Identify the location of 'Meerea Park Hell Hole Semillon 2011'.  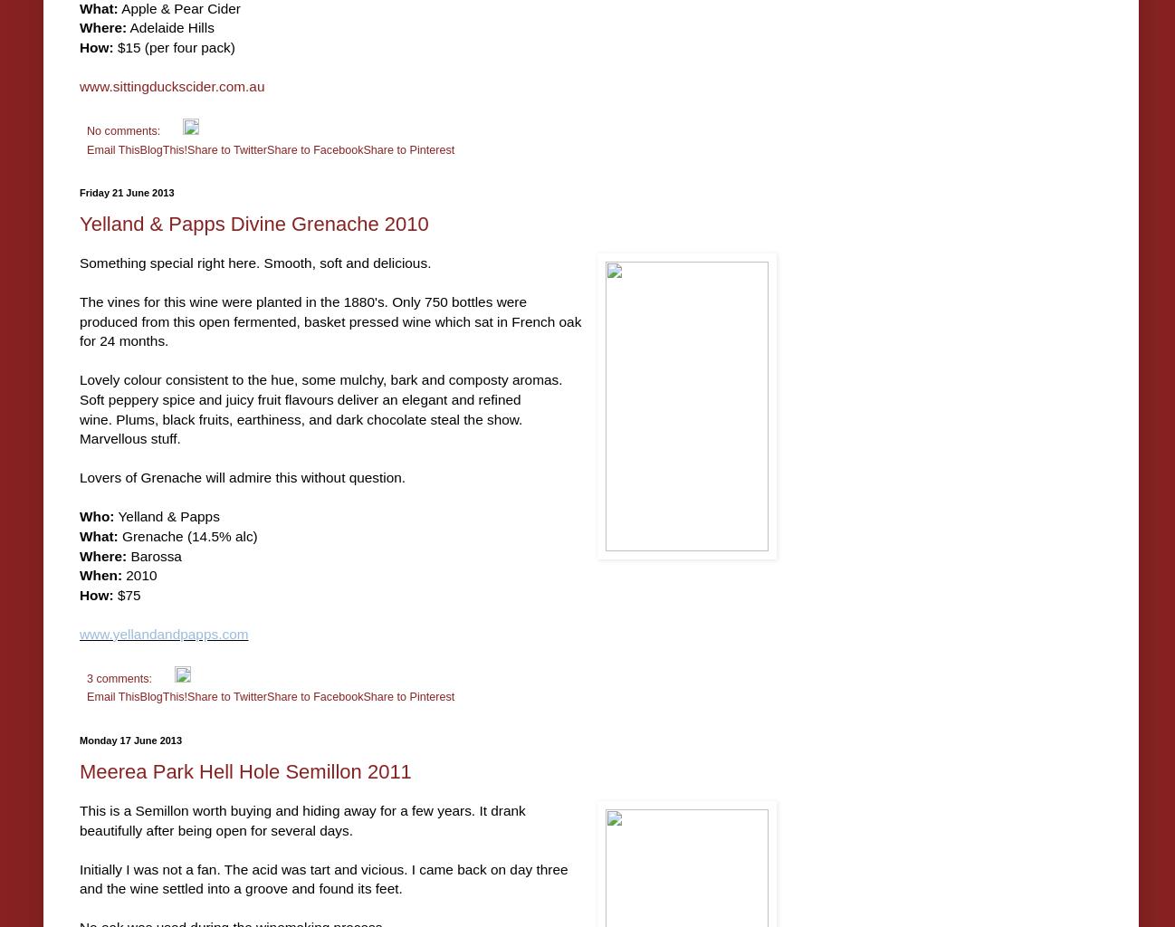
(244, 770).